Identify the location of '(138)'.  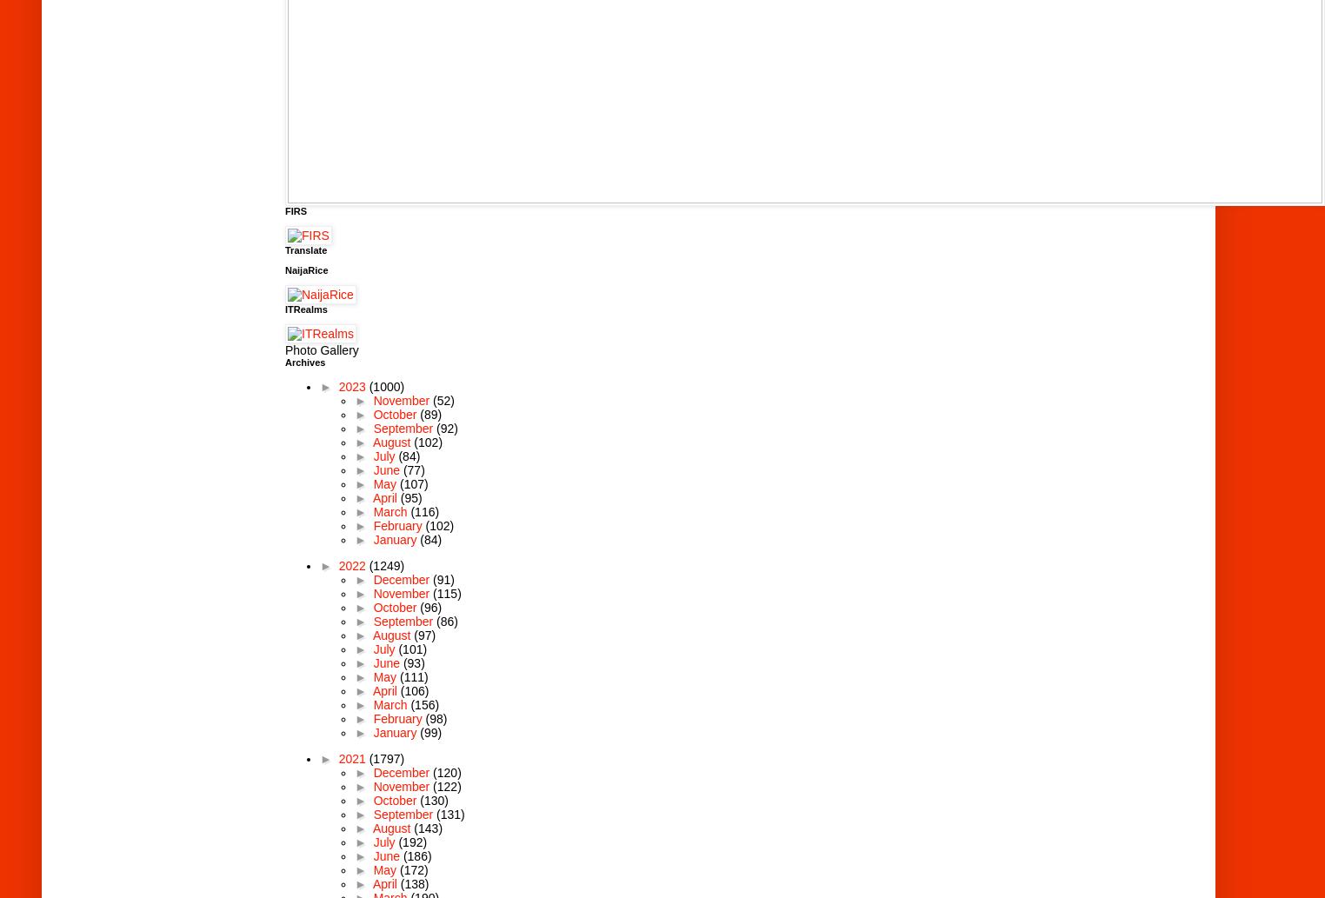
(414, 881).